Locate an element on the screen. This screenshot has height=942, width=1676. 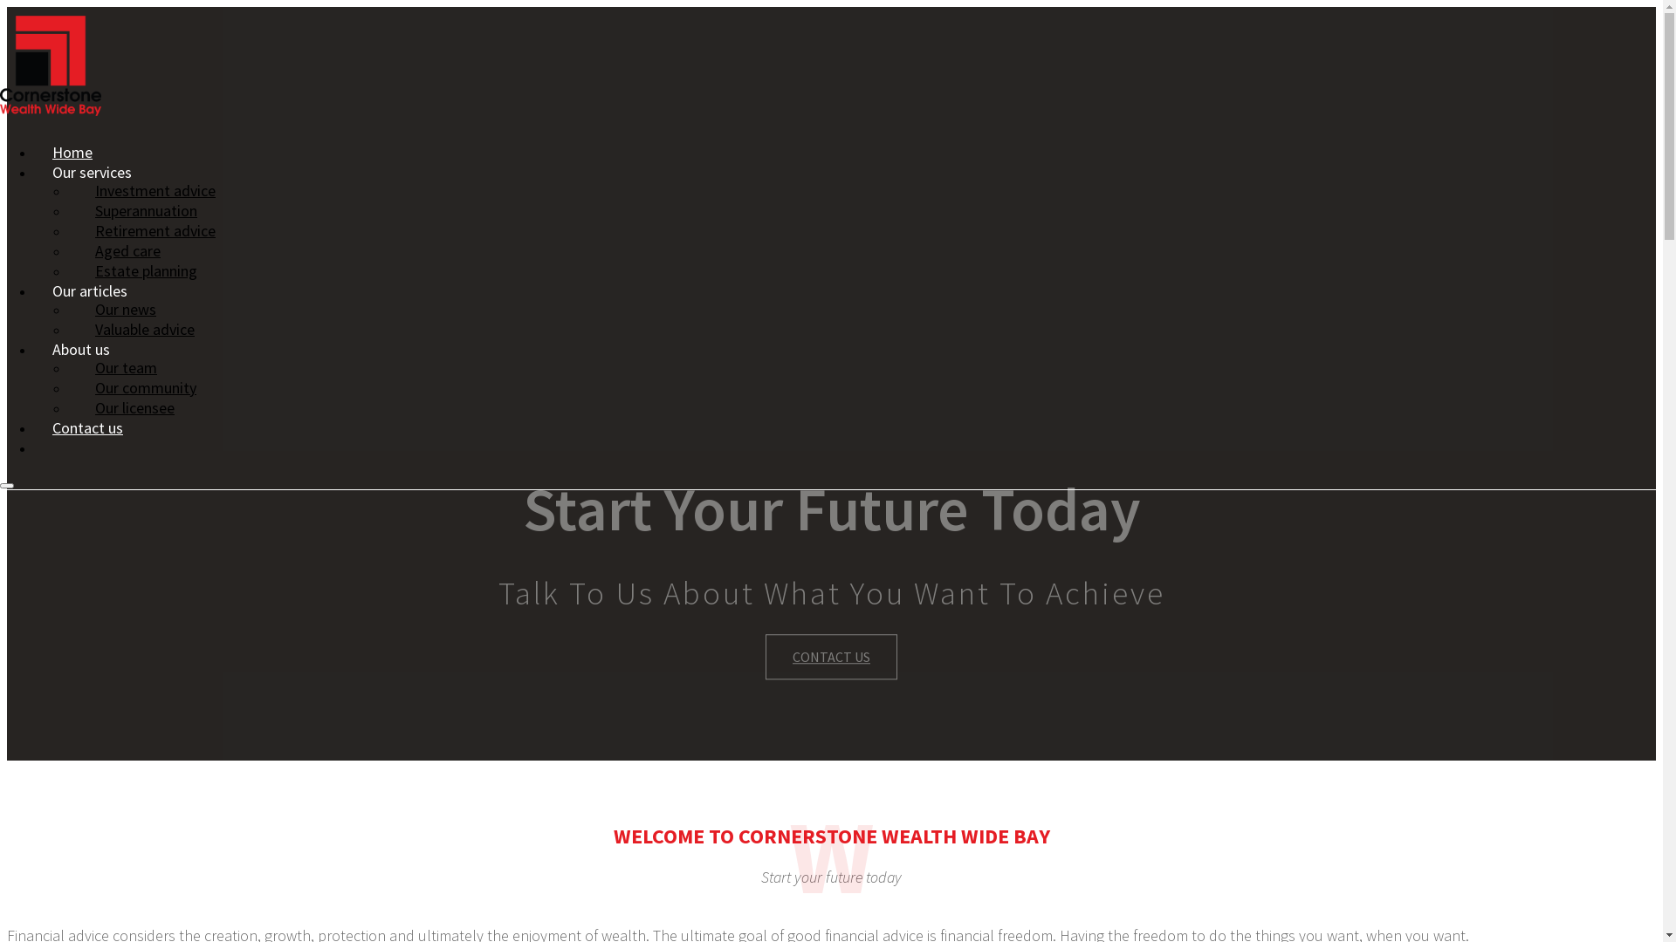
'Our news' is located at coordinates (125, 308).